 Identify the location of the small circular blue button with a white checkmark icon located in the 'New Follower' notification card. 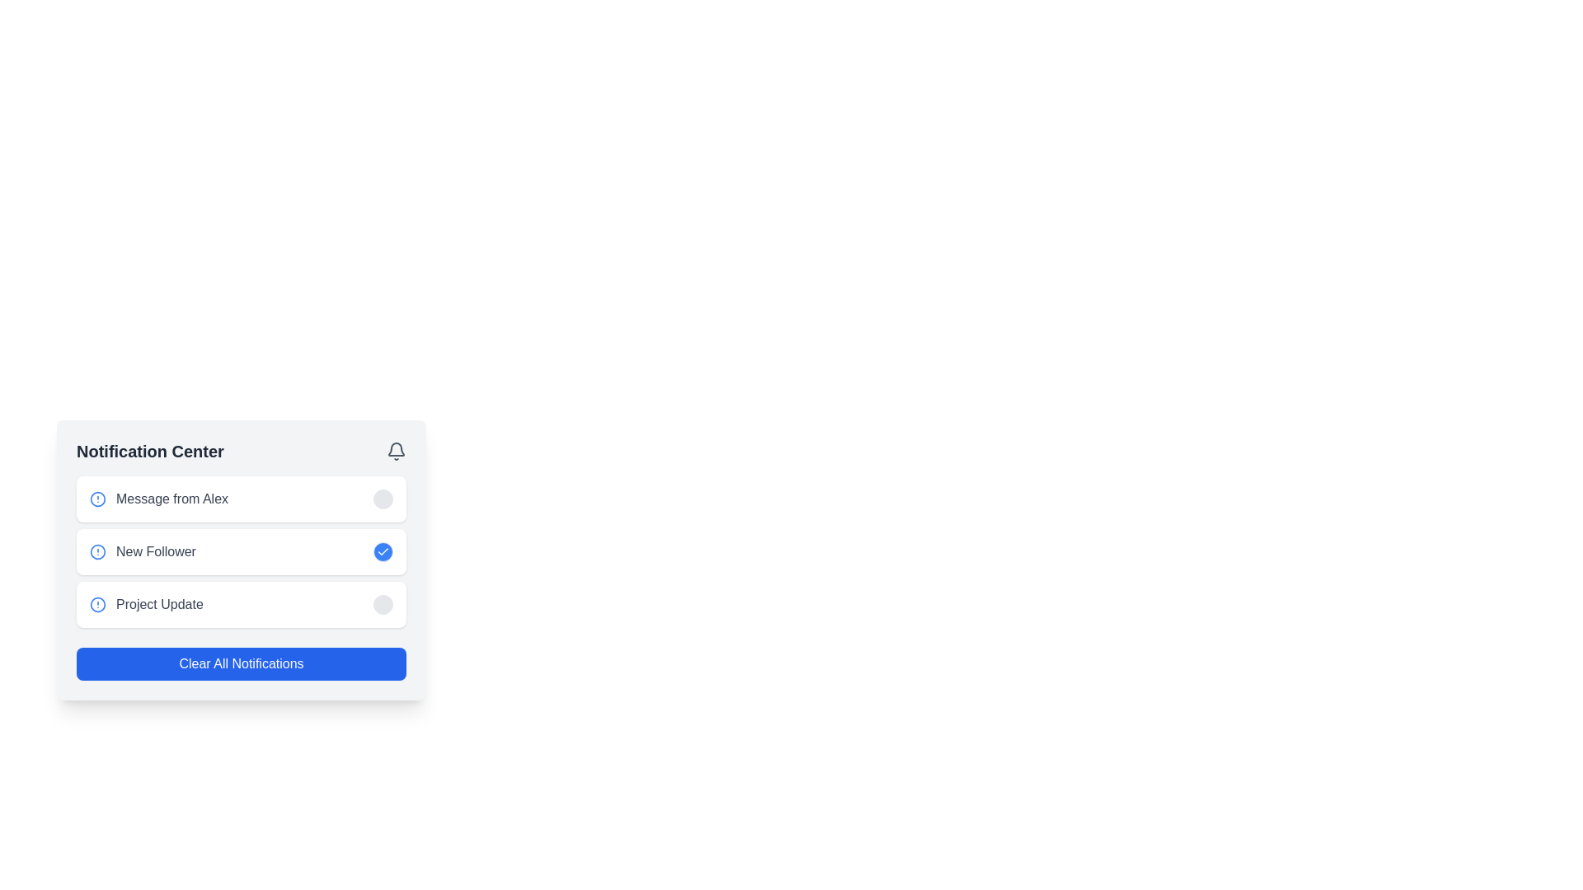
(383, 552).